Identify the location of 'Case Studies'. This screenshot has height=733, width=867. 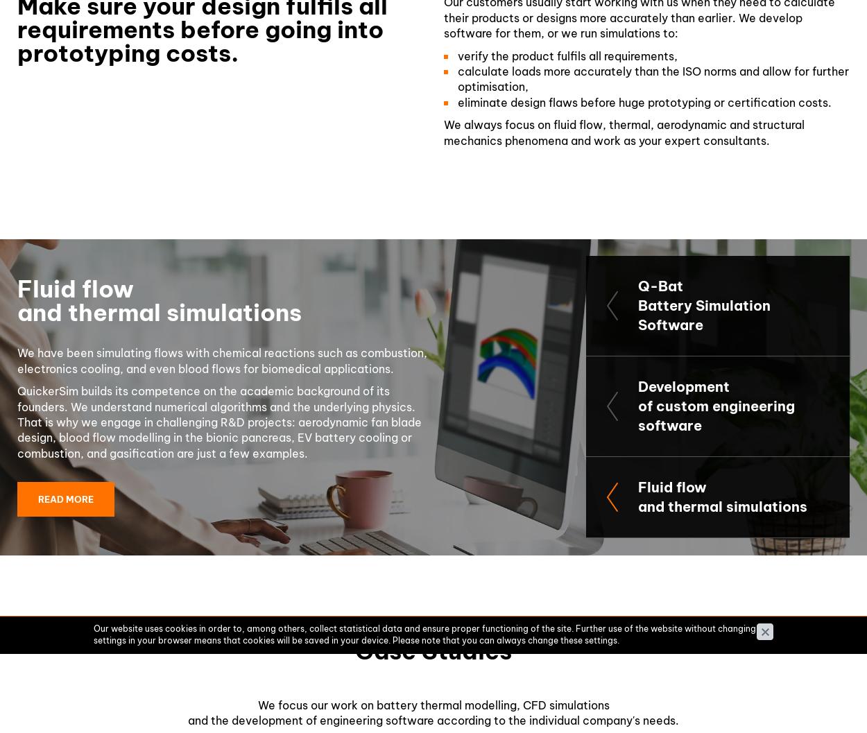
(433, 650).